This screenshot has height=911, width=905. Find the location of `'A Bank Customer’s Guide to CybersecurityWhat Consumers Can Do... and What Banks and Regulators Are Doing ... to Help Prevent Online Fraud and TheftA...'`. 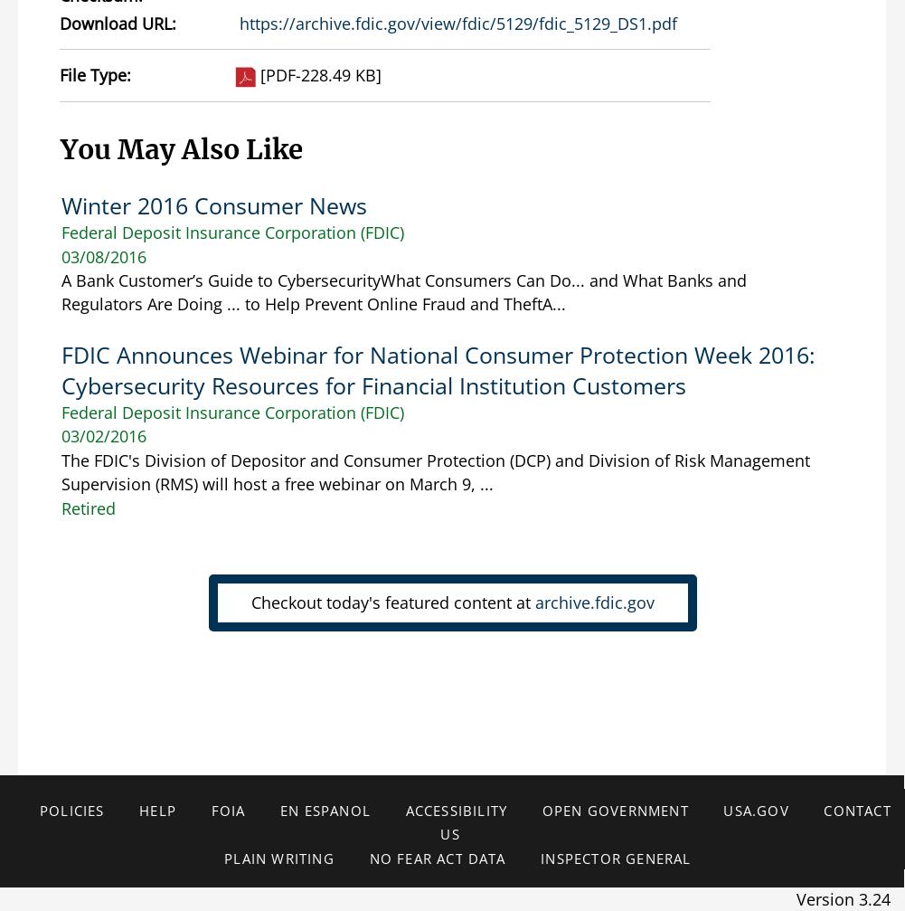

'A Bank Customer’s Guide to CybersecurityWhat Consumers Can Do... and What Banks and Regulators Are Doing ... to Help Prevent Online Fraud and TheftA...' is located at coordinates (403, 292).